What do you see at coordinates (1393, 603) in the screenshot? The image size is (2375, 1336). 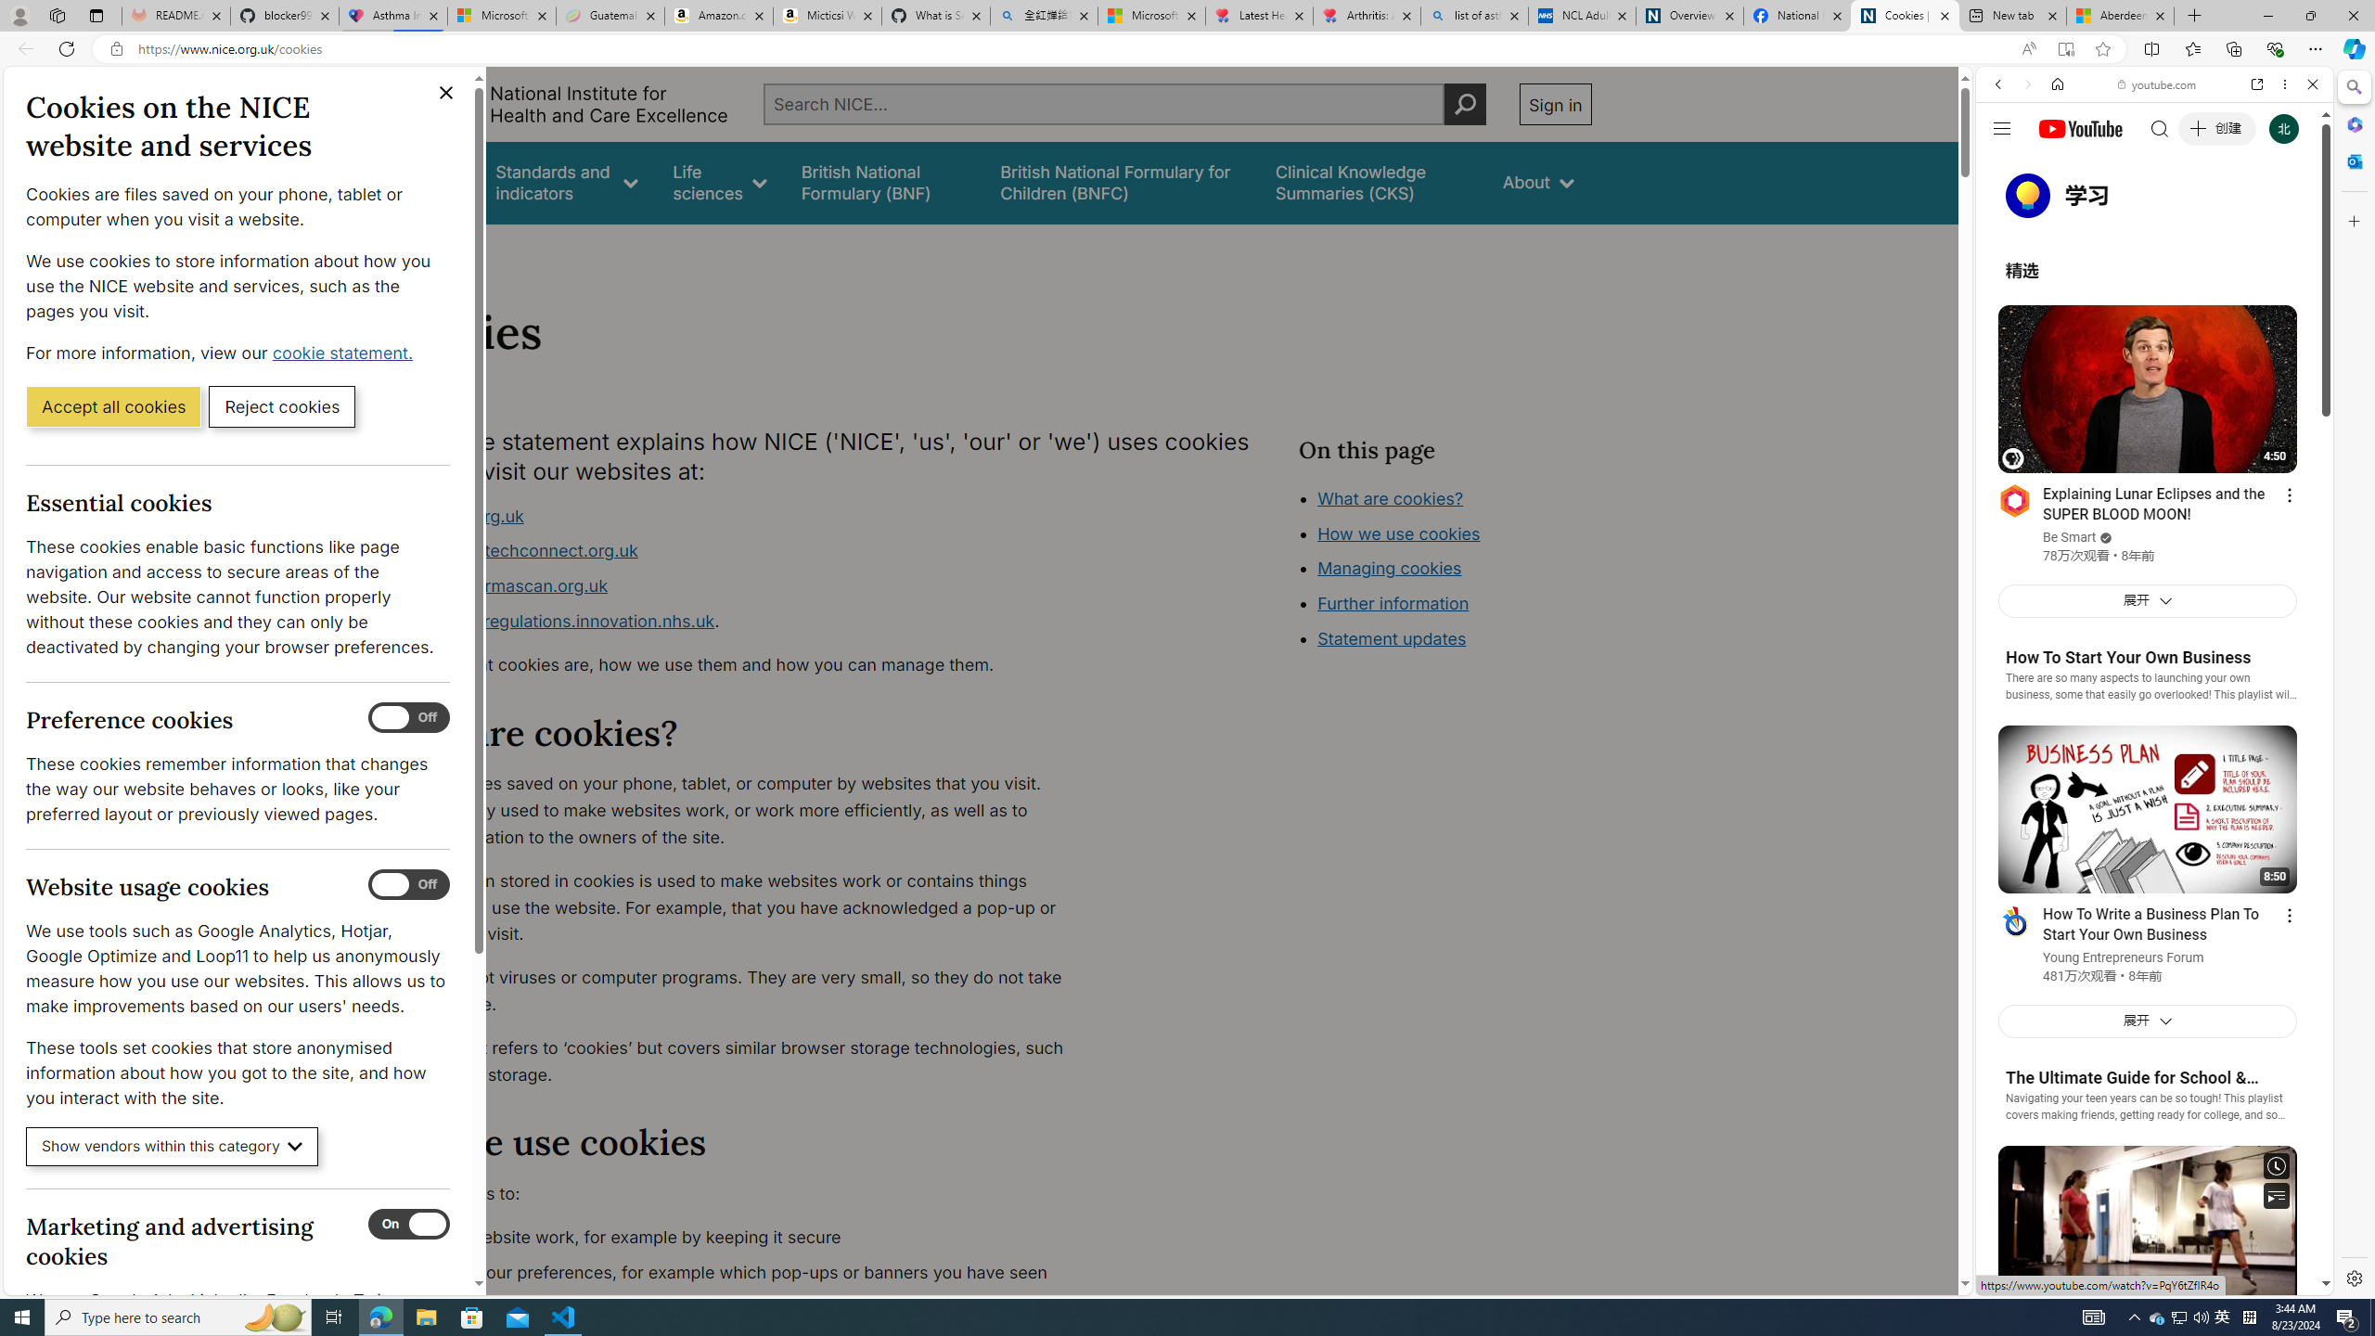 I see `'Further information'` at bounding box center [1393, 603].